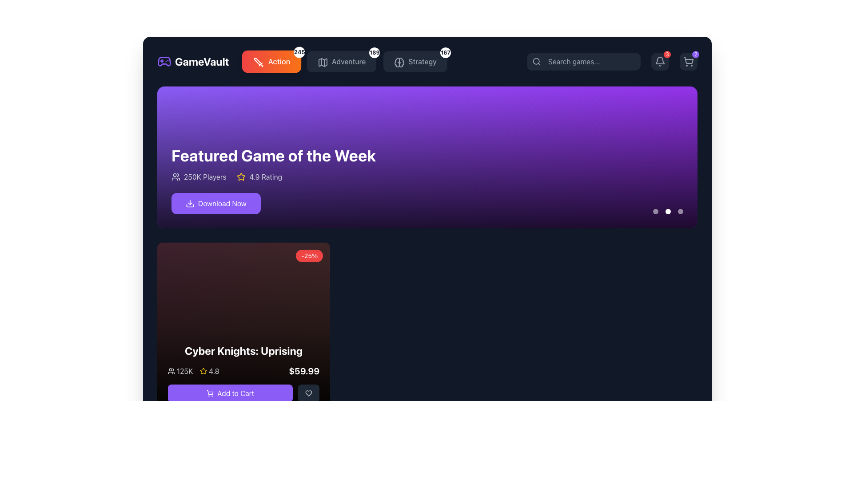  What do you see at coordinates (309, 393) in the screenshot?
I see `the heart icon representing the 'like' or 'favorite' function, which is centrally positioned within a rounded rectangular button in the bottom-right corner of the product card for 'Cyber Knights: Uprising'` at bounding box center [309, 393].